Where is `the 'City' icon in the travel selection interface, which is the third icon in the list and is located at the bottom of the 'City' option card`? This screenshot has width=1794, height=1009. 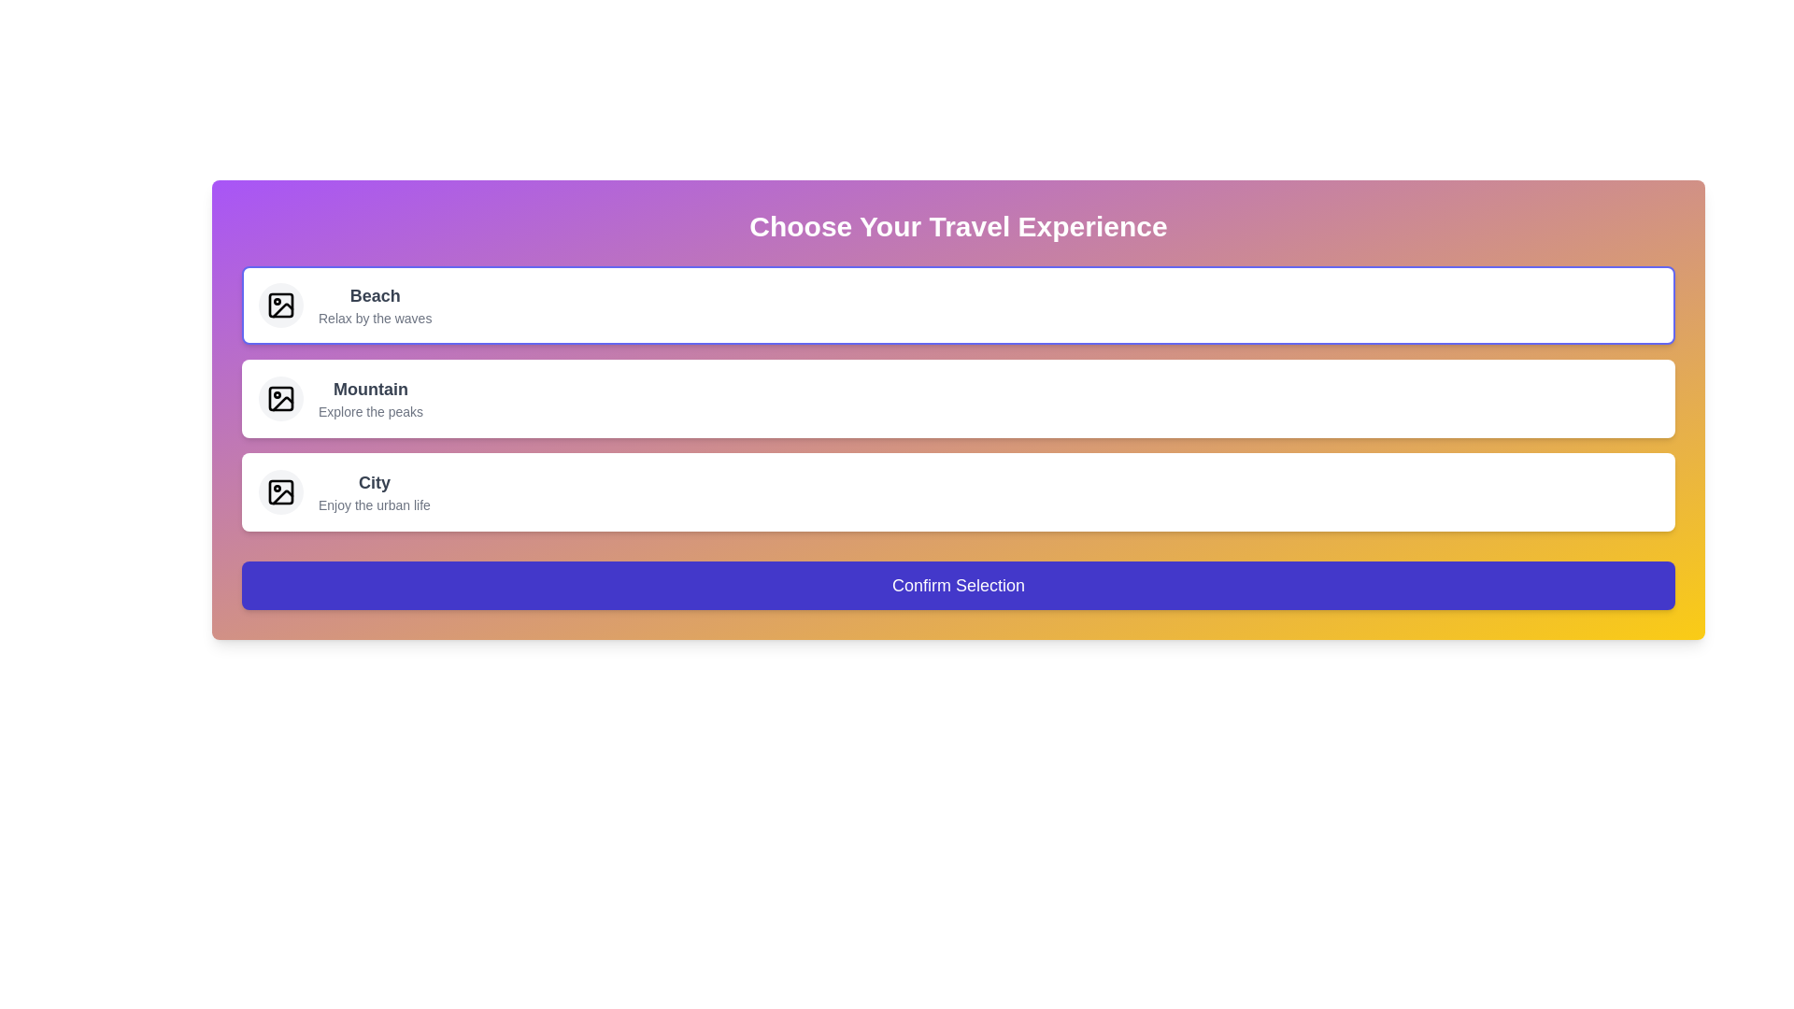
the 'City' icon in the travel selection interface, which is the third icon in the list and is located at the bottom of the 'City' option card is located at coordinates (281, 496).